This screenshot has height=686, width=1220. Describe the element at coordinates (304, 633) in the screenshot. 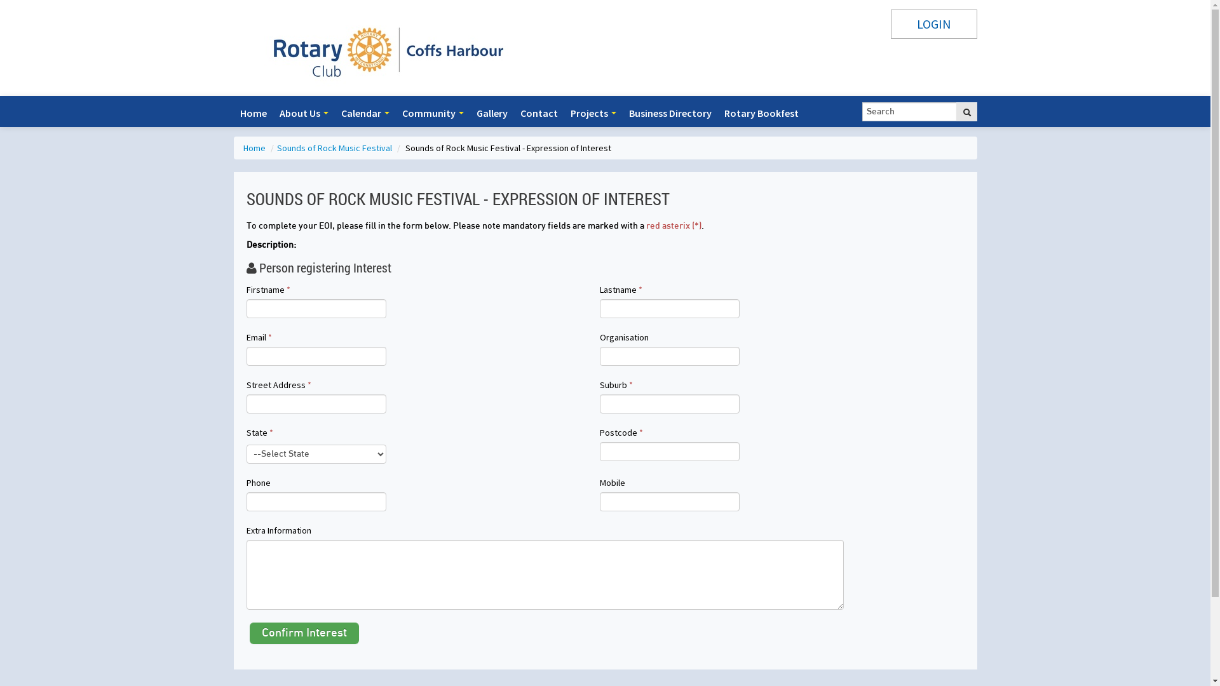

I see `'Confirm Interest'` at that location.